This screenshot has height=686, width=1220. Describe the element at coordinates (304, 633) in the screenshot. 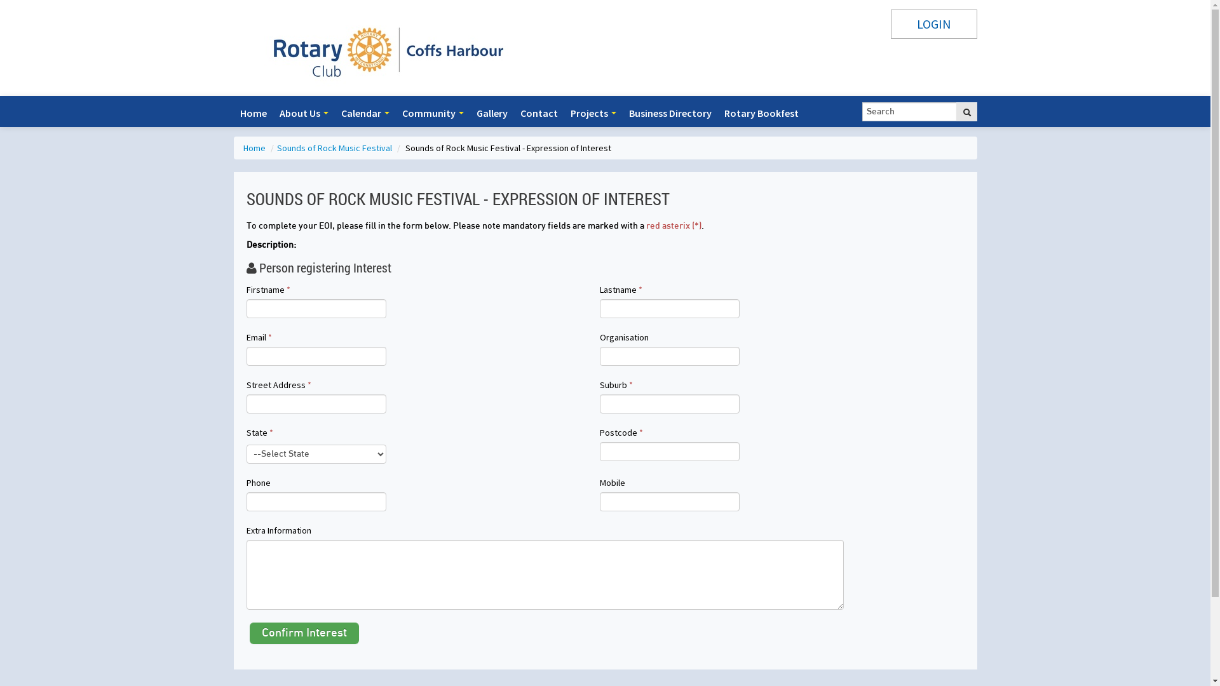

I see `'Confirm Interest'` at that location.